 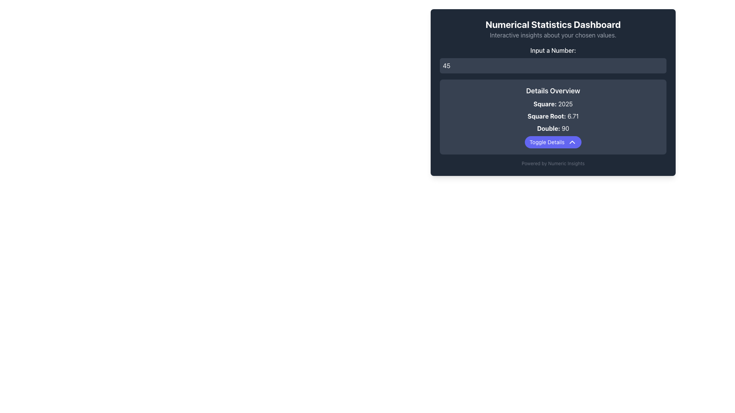 What do you see at coordinates (553, 142) in the screenshot?
I see `the toggle button located at the bottom of the 'Details Overview' section` at bounding box center [553, 142].